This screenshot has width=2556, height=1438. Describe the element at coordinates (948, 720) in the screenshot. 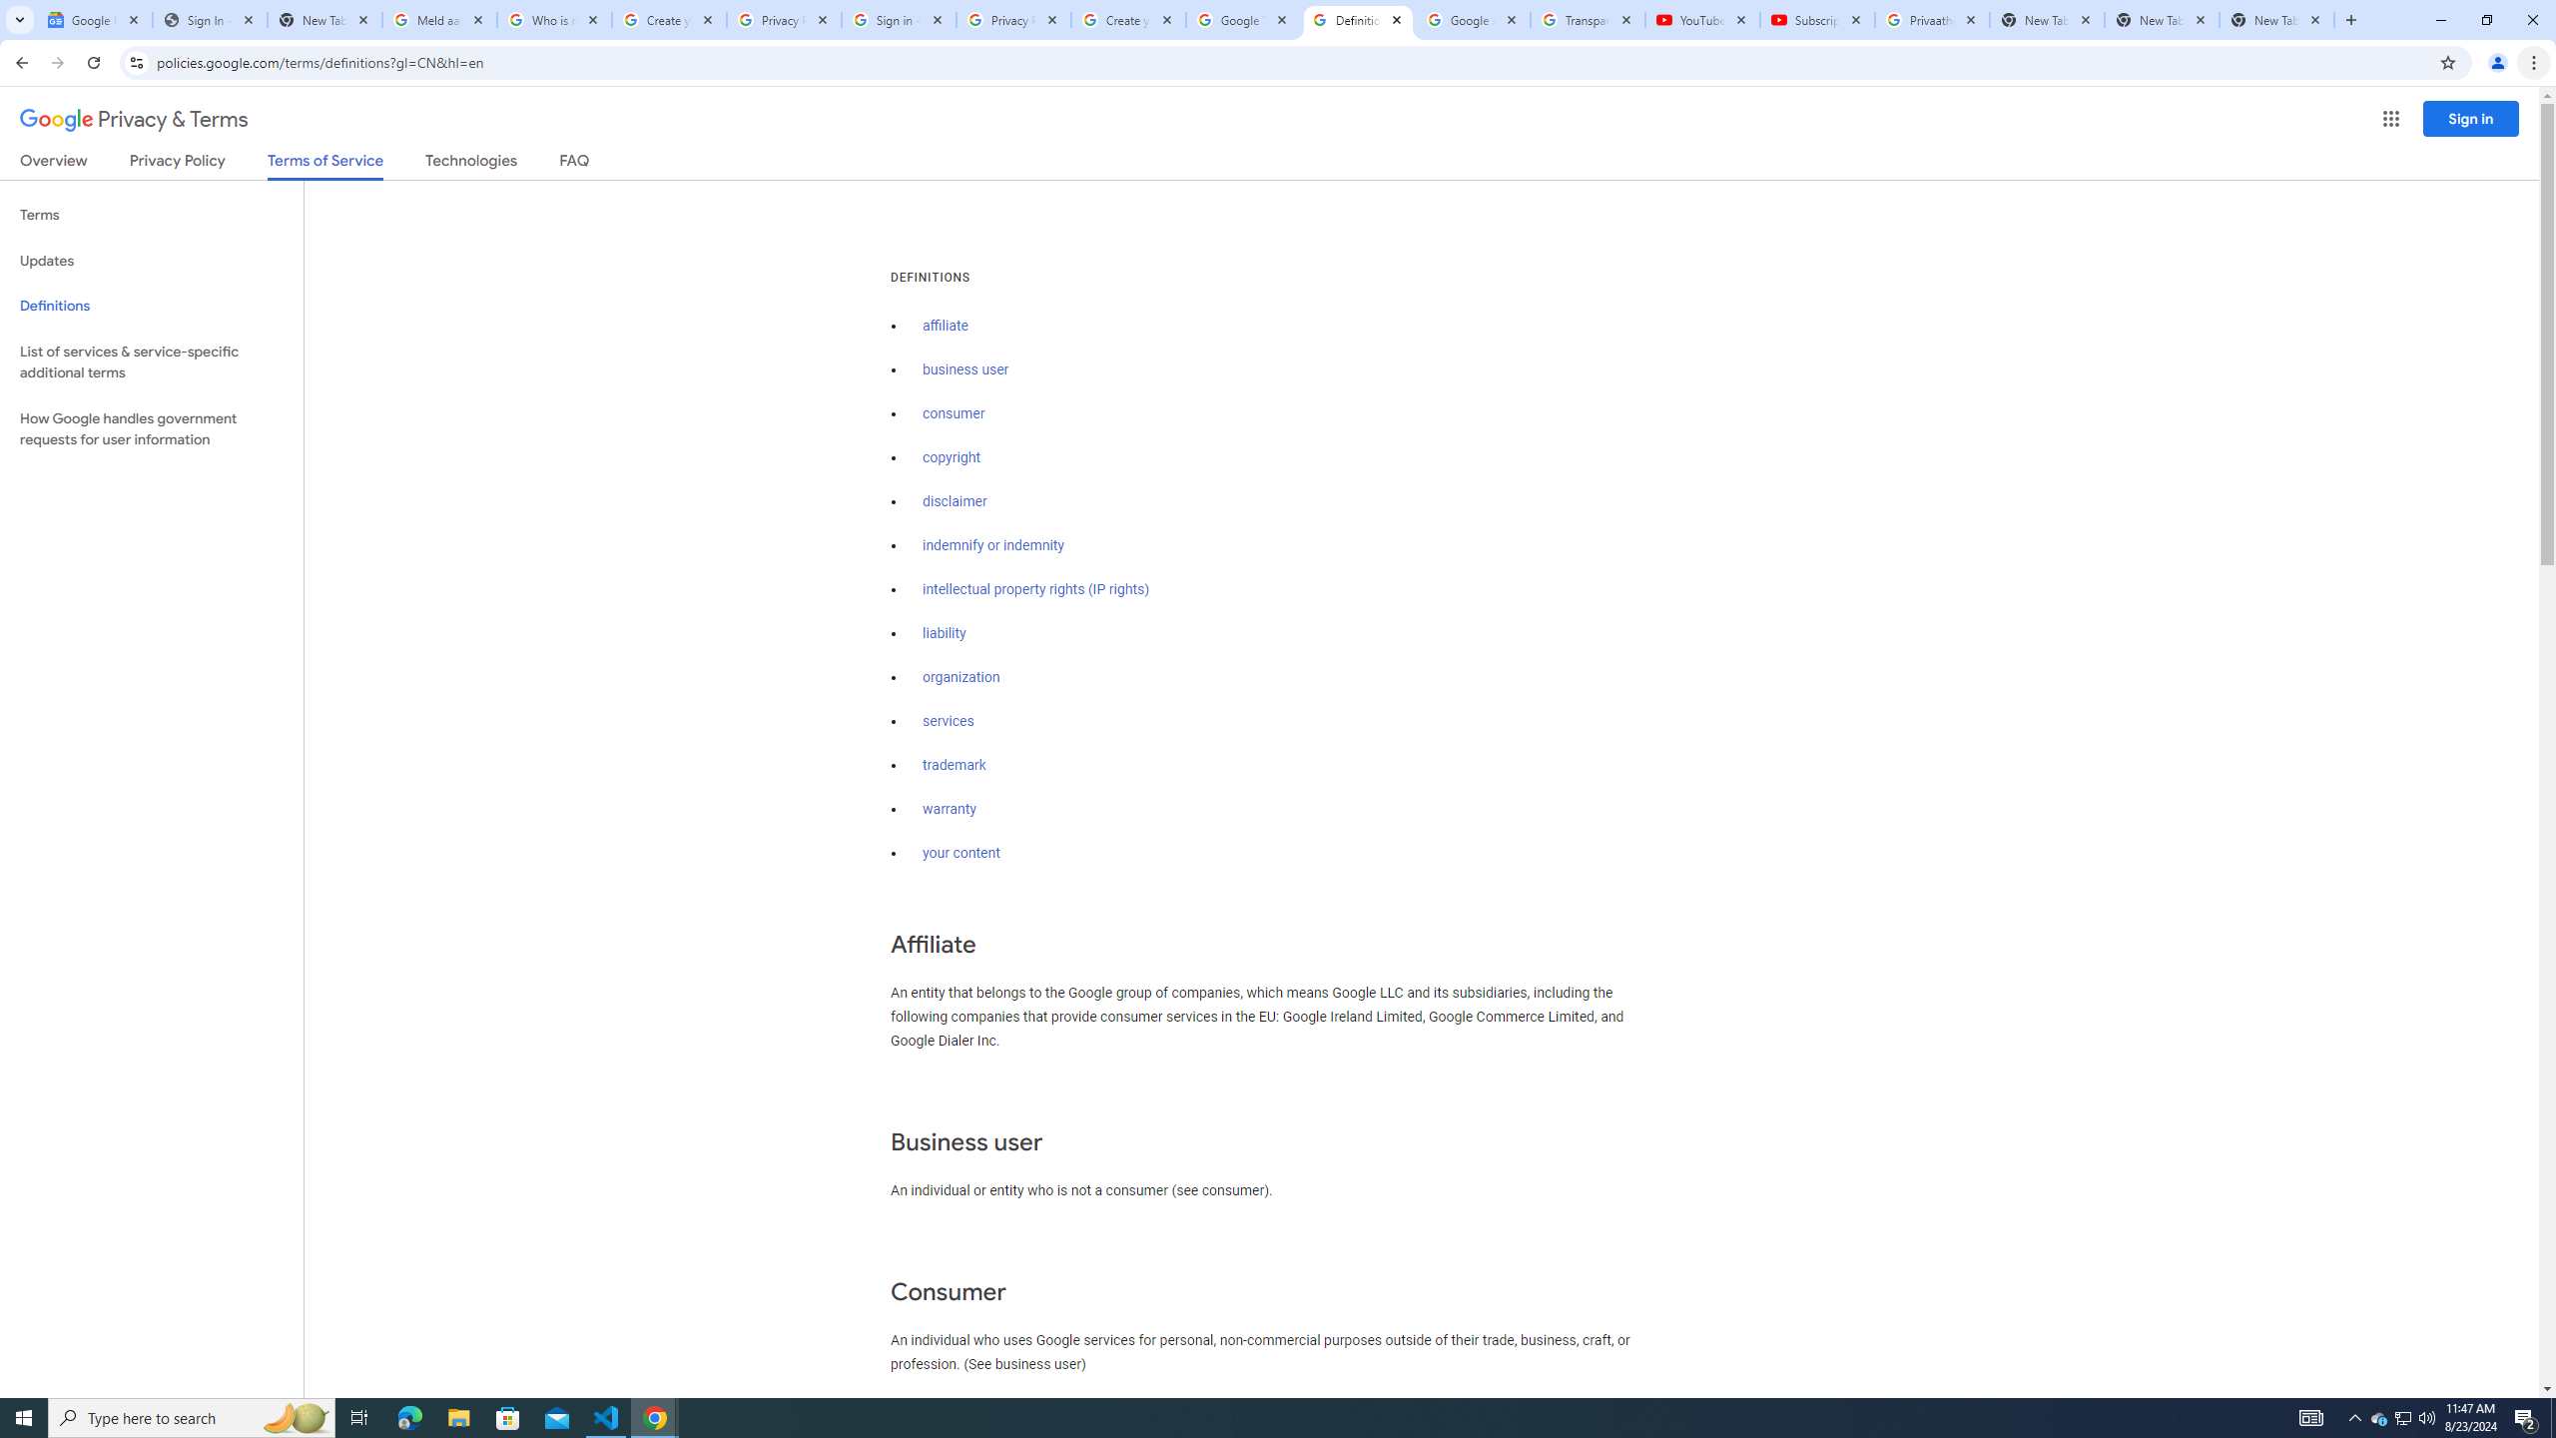

I see `'services'` at that location.